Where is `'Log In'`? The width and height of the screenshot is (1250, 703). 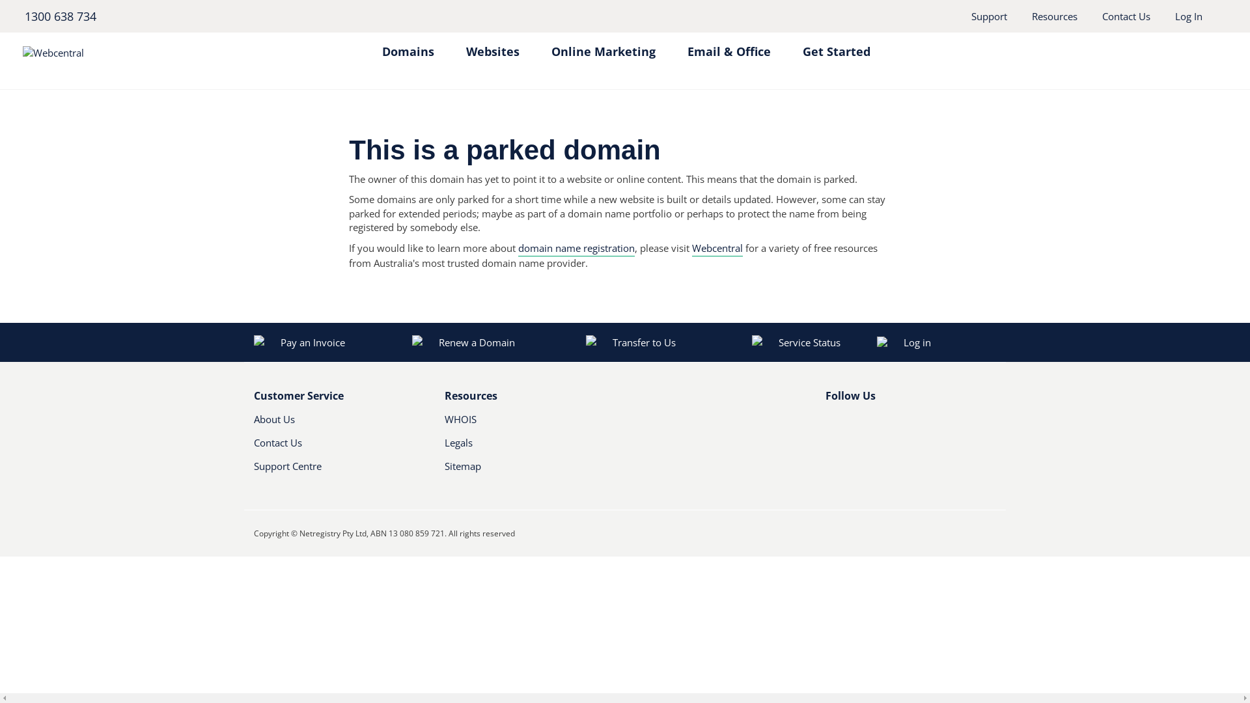
'Log In' is located at coordinates (1188, 16).